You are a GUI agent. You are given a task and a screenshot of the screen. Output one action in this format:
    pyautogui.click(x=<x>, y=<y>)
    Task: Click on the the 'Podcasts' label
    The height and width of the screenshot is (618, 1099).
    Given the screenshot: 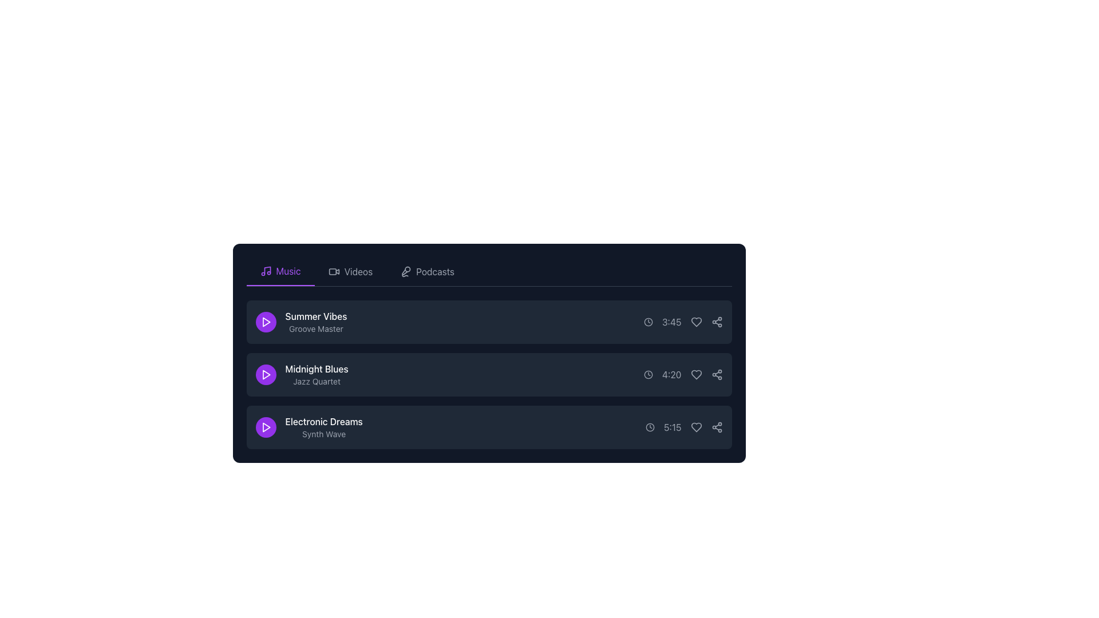 What is the action you would take?
    pyautogui.click(x=434, y=271)
    